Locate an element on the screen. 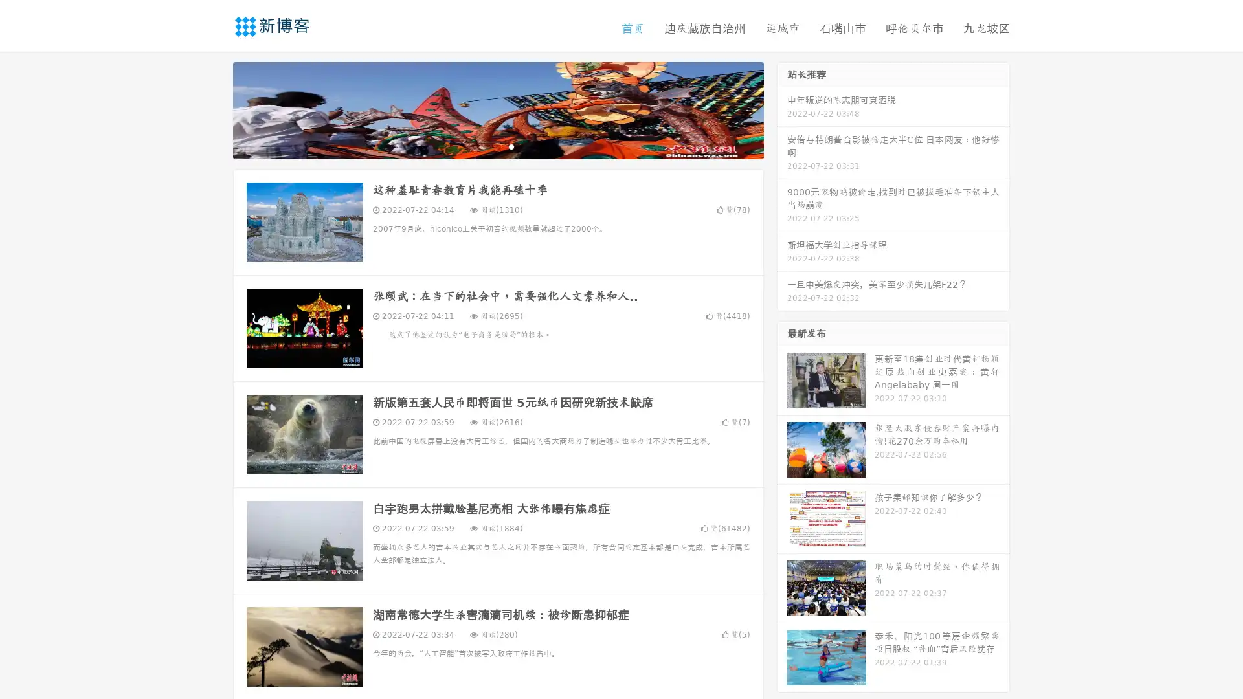 Image resolution: width=1243 pixels, height=699 pixels. Go to slide 1 is located at coordinates (484, 146).